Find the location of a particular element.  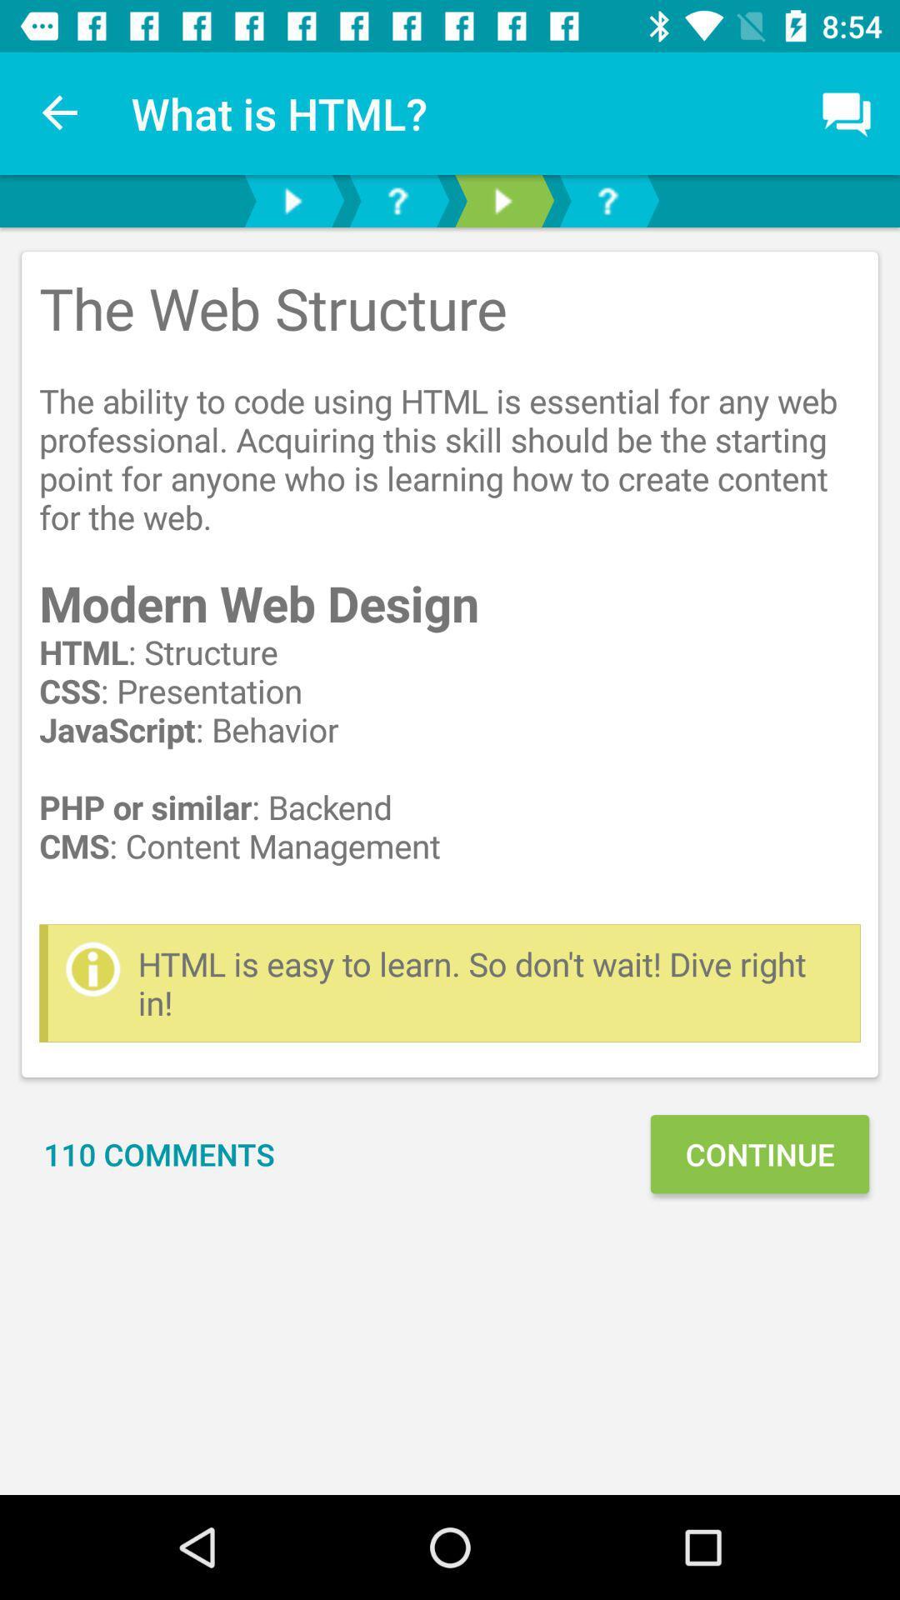

continue button which is at the right side of the page is located at coordinates (759, 1153).